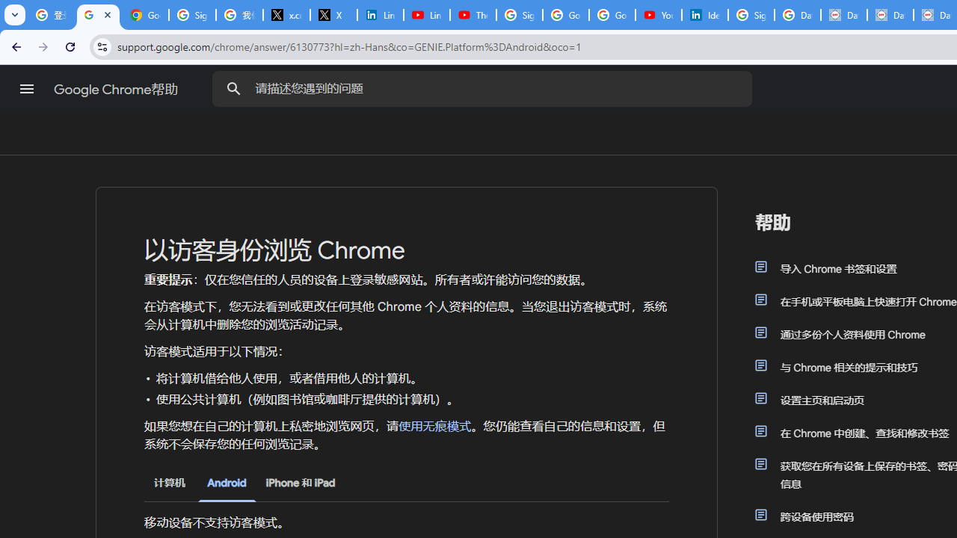 The image size is (957, 538). Describe the element at coordinates (191, 15) in the screenshot. I see `'Sign in - Google Accounts'` at that location.